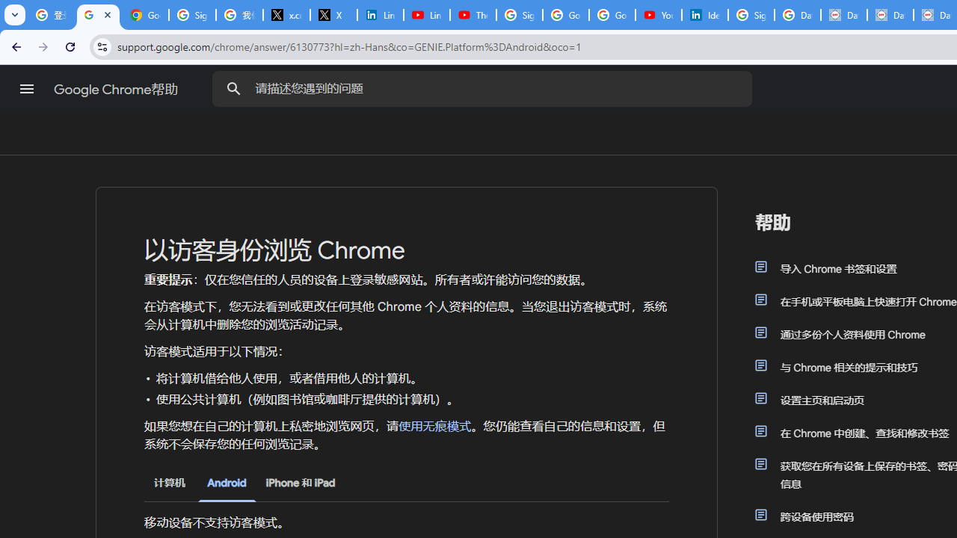 The image size is (957, 538). Describe the element at coordinates (191, 15) in the screenshot. I see `'Sign in - Google Accounts'` at that location.